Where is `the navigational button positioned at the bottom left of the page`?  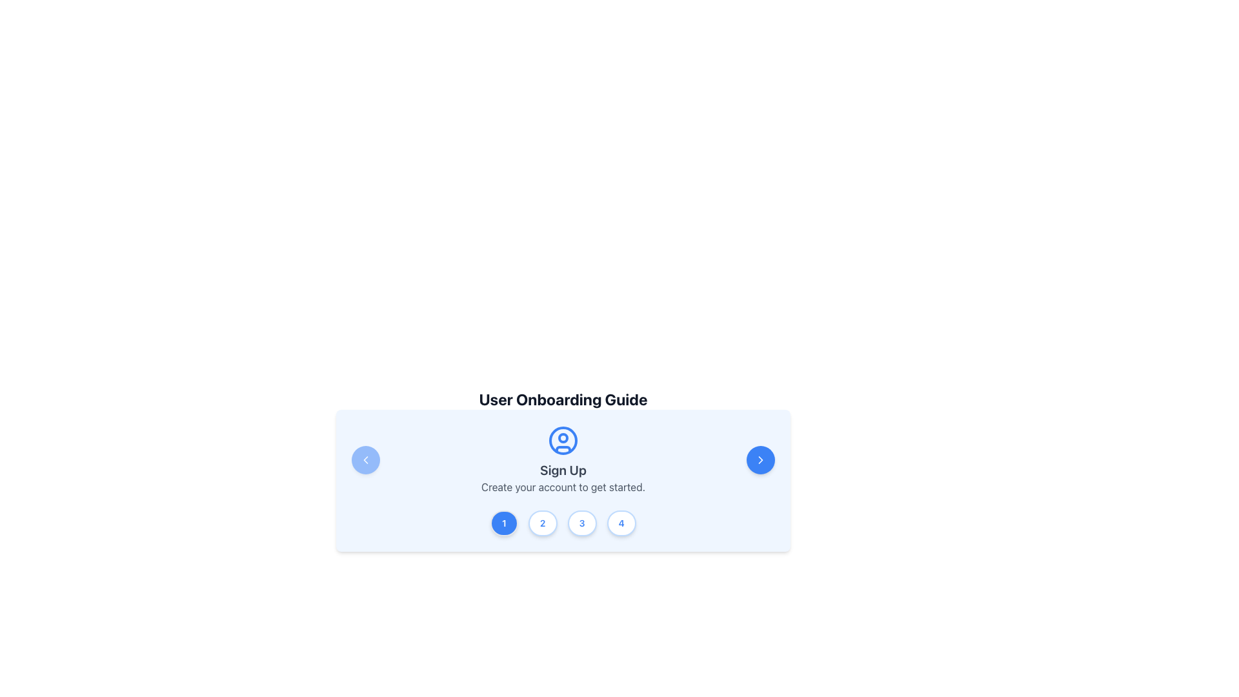
the navigational button positioned at the bottom left of the page is located at coordinates (365, 460).